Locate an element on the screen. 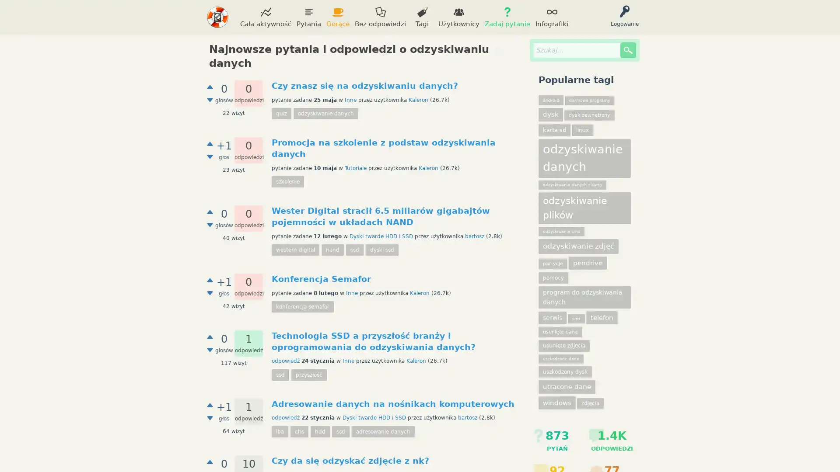 The height and width of the screenshot is (472, 840). + is located at coordinates (210, 461).